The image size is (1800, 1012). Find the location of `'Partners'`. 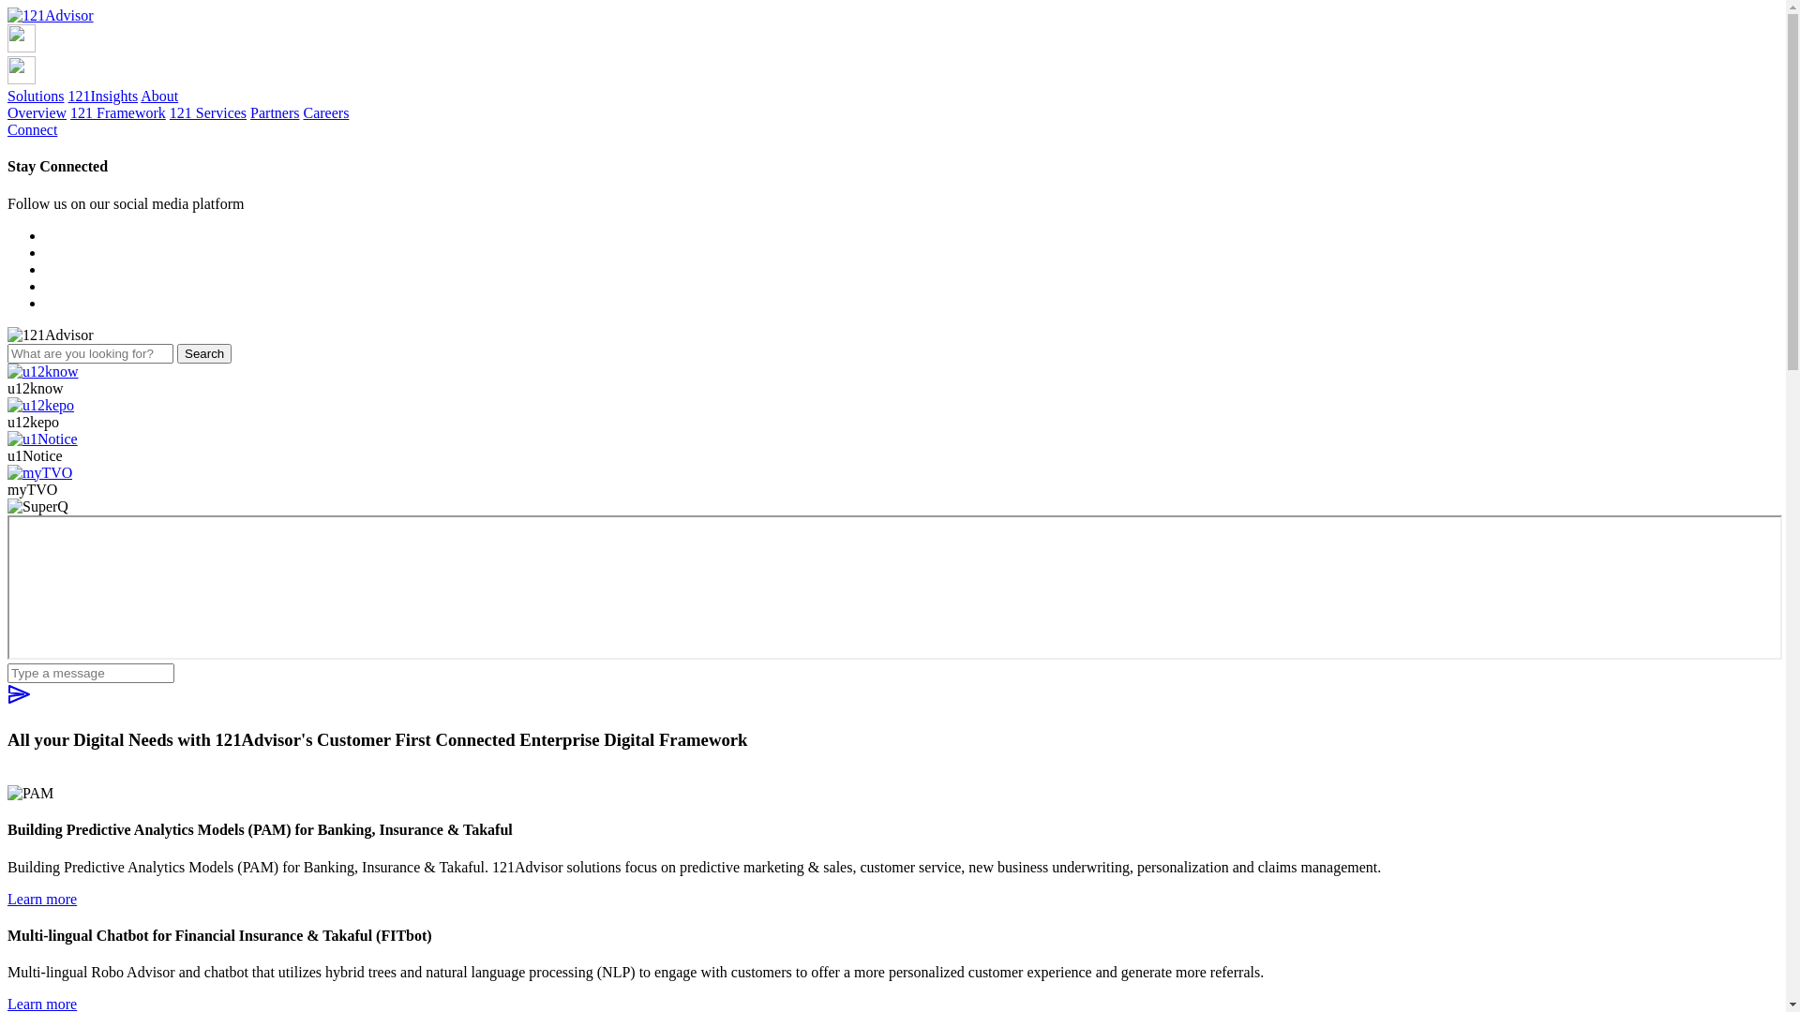

'Partners' is located at coordinates (249, 112).